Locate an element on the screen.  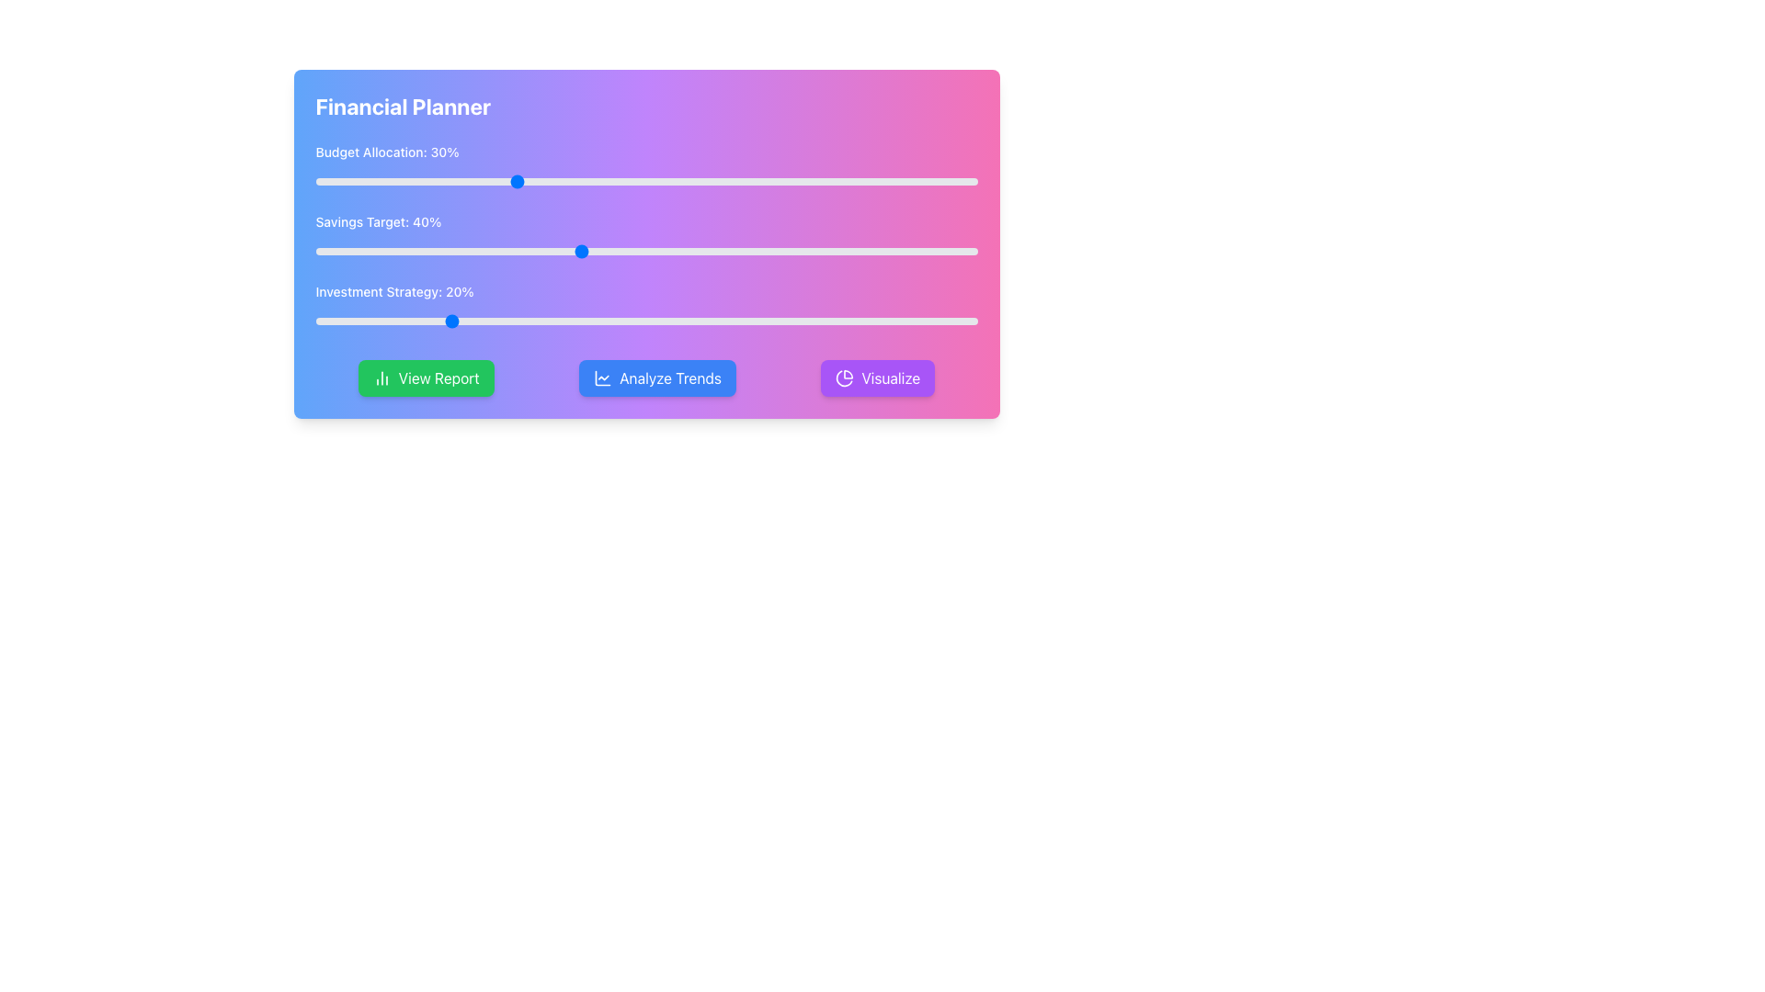
the slider value is located at coordinates (640, 181).